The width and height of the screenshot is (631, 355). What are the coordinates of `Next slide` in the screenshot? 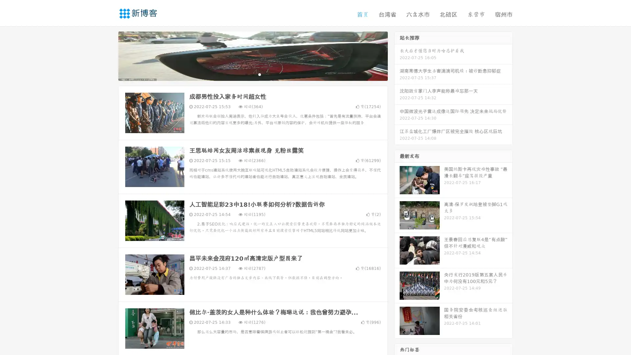 It's located at (397, 55).